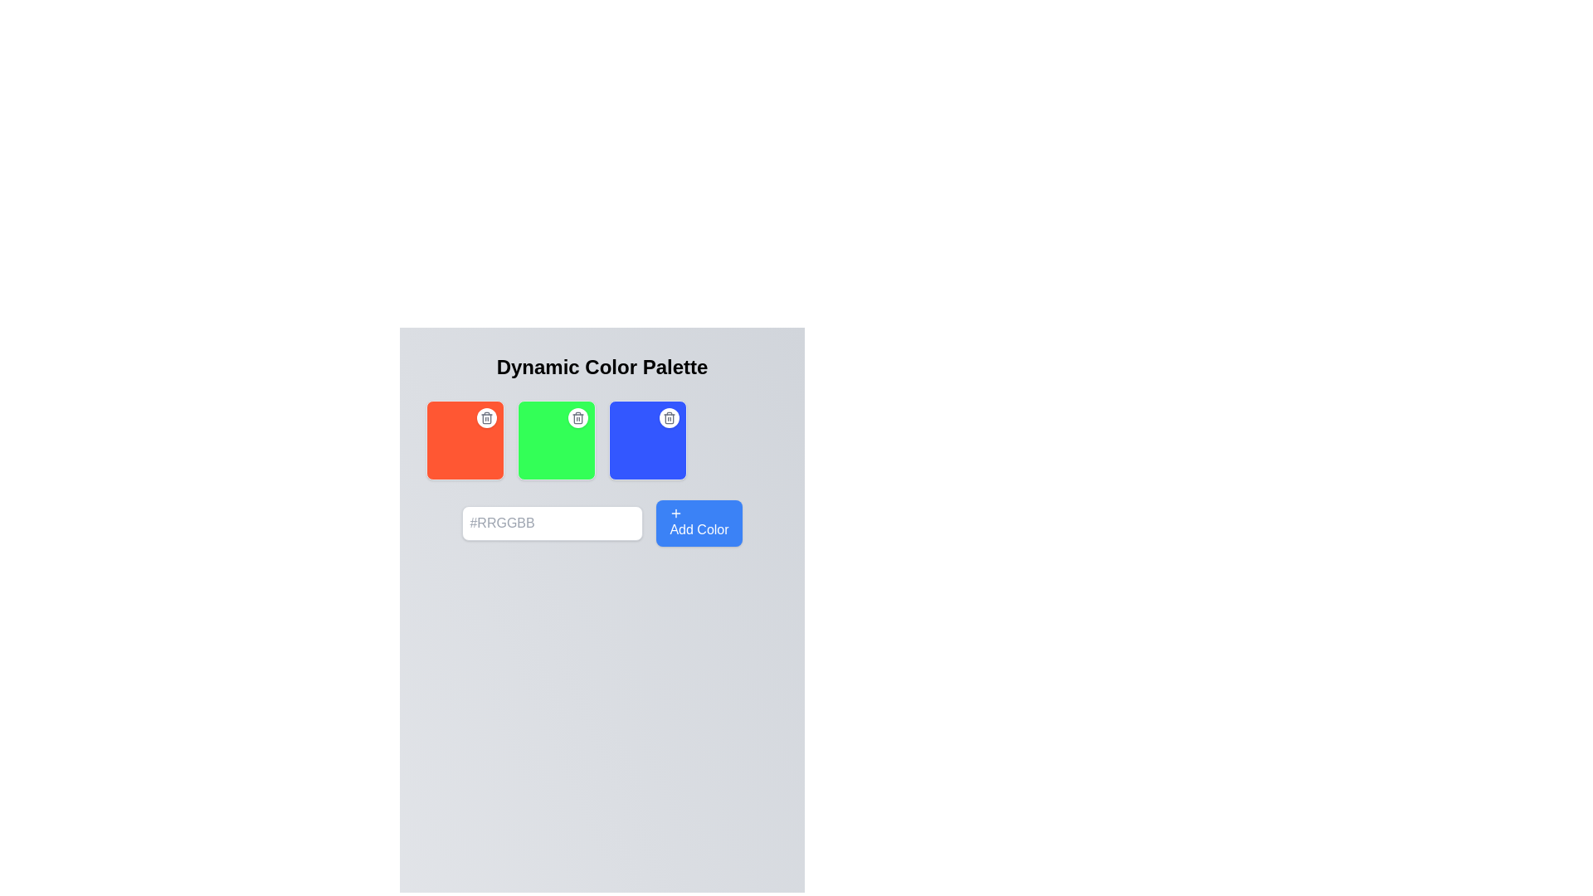 This screenshot has height=896, width=1593. I want to click on the trash icon located in the top-right corner of the green tile within the Dynamic Color Palette, so click(577, 417).